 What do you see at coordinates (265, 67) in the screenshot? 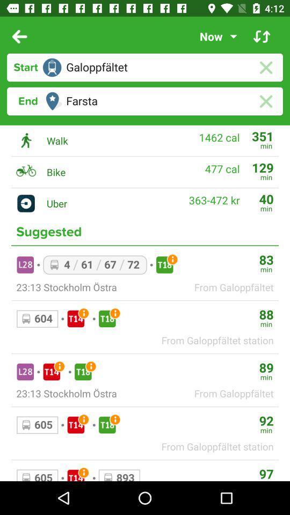
I see `the file` at bounding box center [265, 67].